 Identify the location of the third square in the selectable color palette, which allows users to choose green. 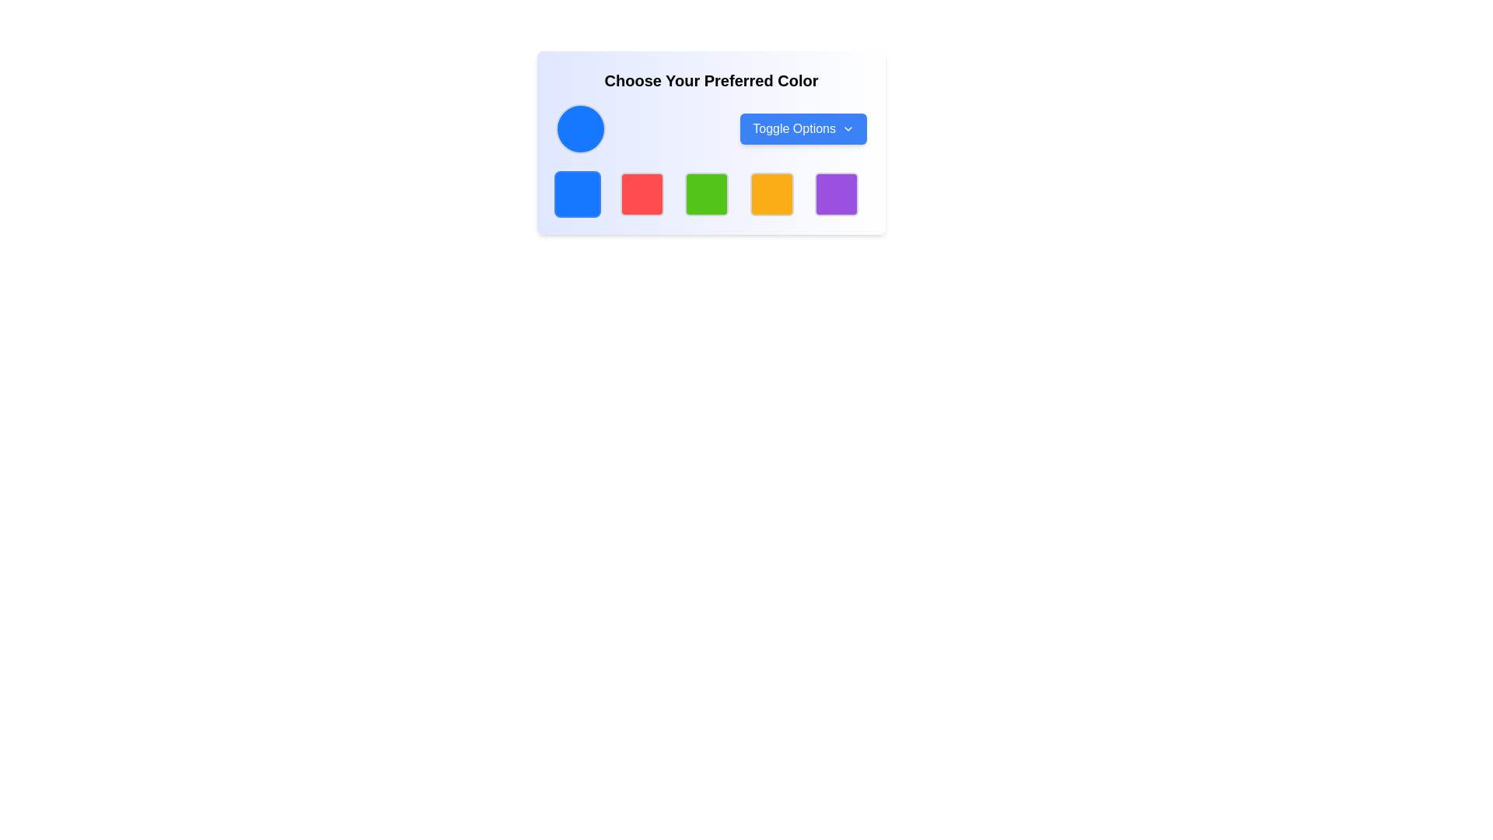
(706, 194).